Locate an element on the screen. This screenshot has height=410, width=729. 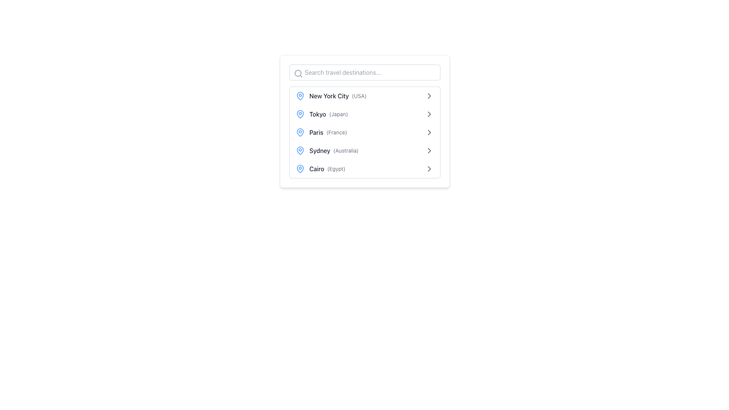
the interactive pin-shaped icon with a blue outline located next to the city name label in the fifth item of the vertical list of locations is located at coordinates (300, 168).